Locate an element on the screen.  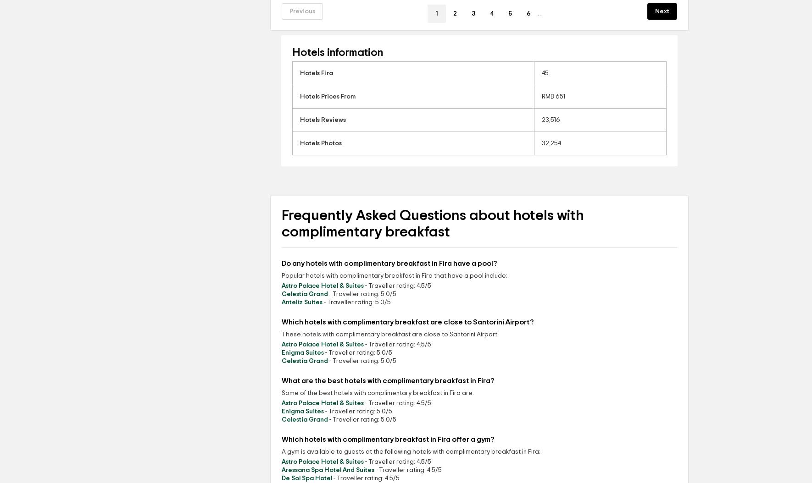
'5' is located at coordinates (510, 14).